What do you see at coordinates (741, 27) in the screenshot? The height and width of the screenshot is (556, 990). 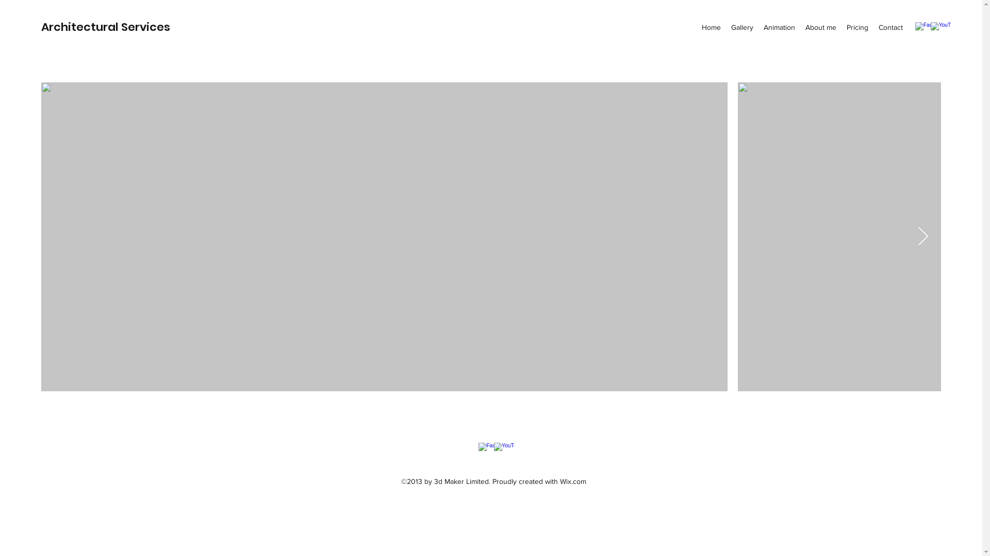 I see `'Gallery'` at bounding box center [741, 27].